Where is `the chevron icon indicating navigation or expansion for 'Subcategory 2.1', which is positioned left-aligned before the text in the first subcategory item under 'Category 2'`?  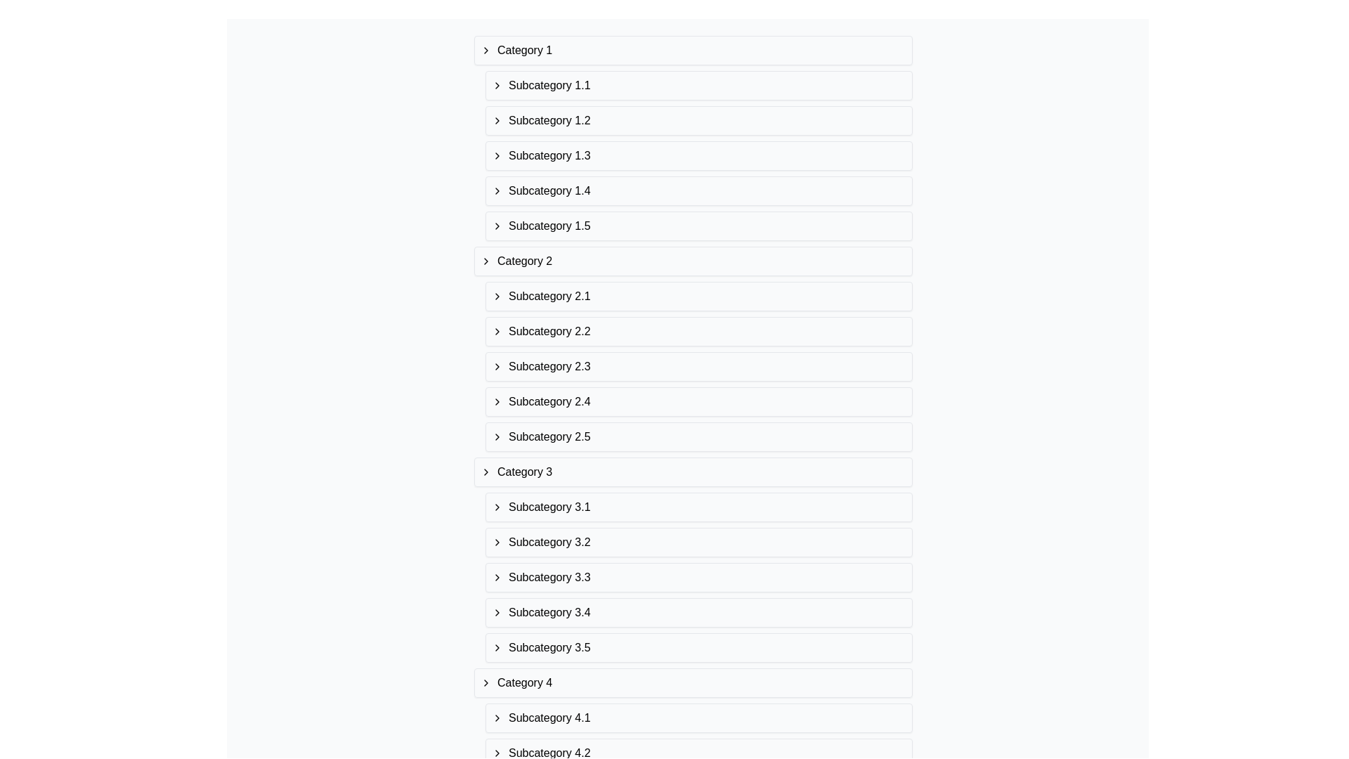
the chevron icon indicating navigation or expansion for 'Subcategory 2.1', which is positioned left-aligned before the text in the first subcategory item under 'Category 2' is located at coordinates (497, 295).